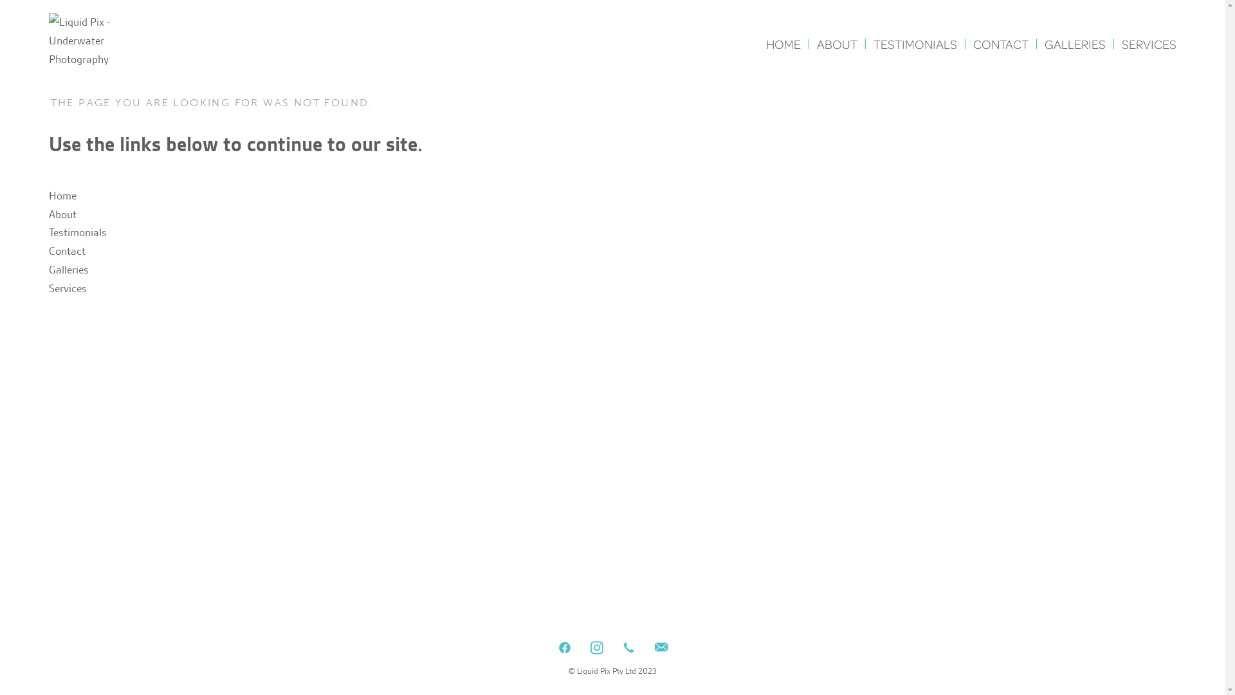 This screenshot has width=1235, height=695. What do you see at coordinates (62, 213) in the screenshot?
I see `'About'` at bounding box center [62, 213].